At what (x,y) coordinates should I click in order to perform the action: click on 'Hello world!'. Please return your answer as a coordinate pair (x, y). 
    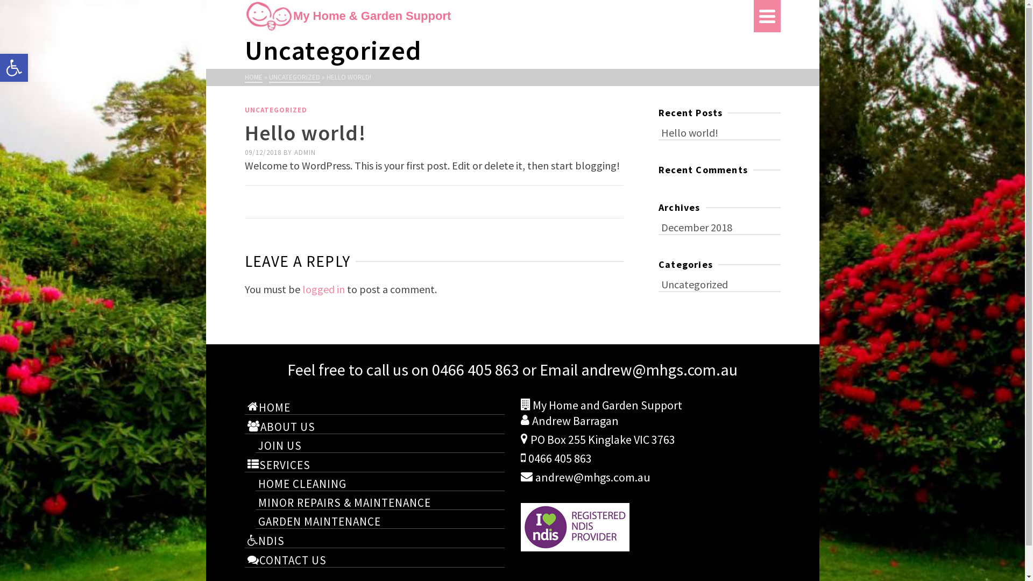
    Looking at the image, I should click on (719, 131).